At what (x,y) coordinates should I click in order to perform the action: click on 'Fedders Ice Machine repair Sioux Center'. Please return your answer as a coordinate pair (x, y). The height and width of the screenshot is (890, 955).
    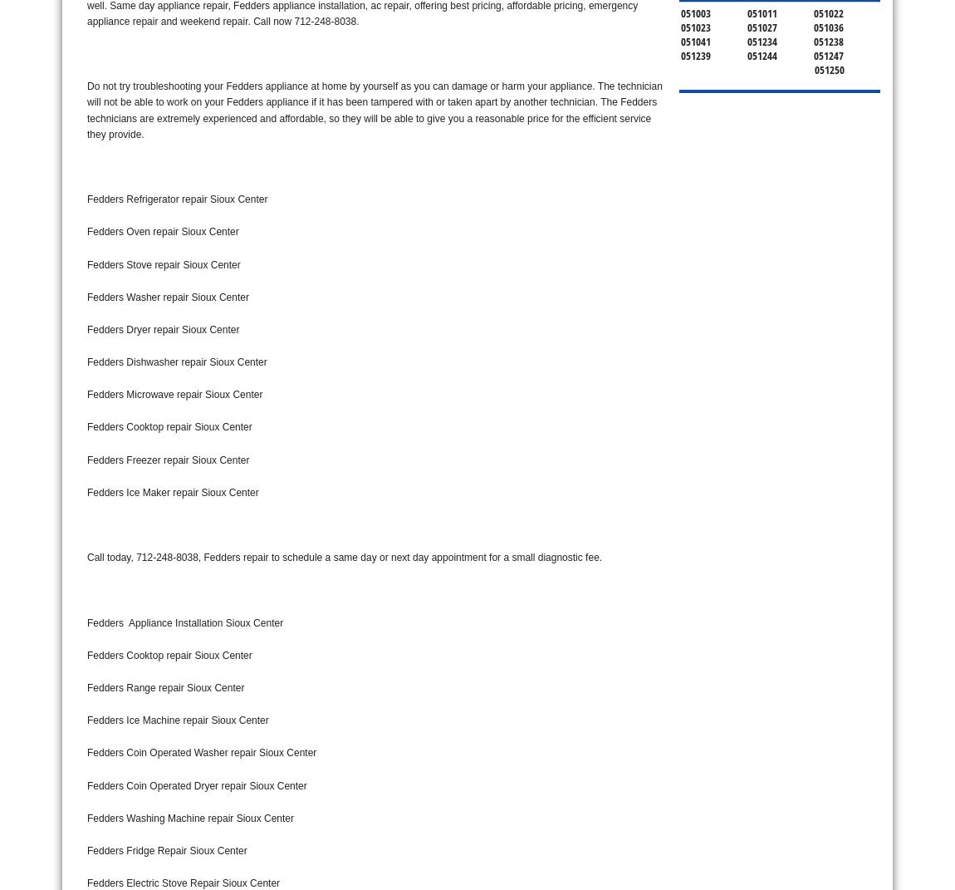
    Looking at the image, I should click on (177, 720).